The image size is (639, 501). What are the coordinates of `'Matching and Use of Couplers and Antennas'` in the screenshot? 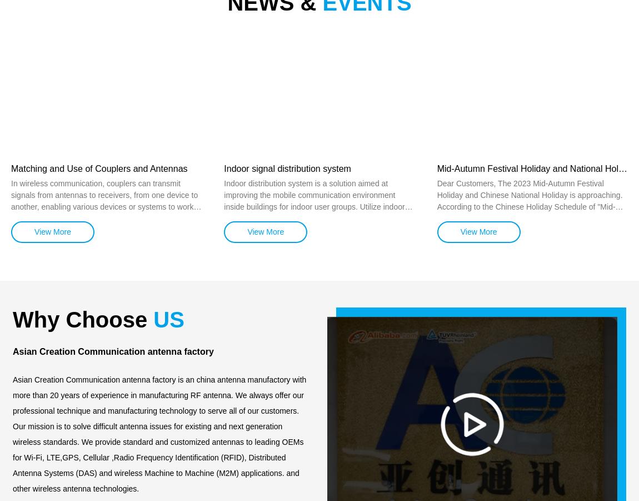 It's located at (11, 168).